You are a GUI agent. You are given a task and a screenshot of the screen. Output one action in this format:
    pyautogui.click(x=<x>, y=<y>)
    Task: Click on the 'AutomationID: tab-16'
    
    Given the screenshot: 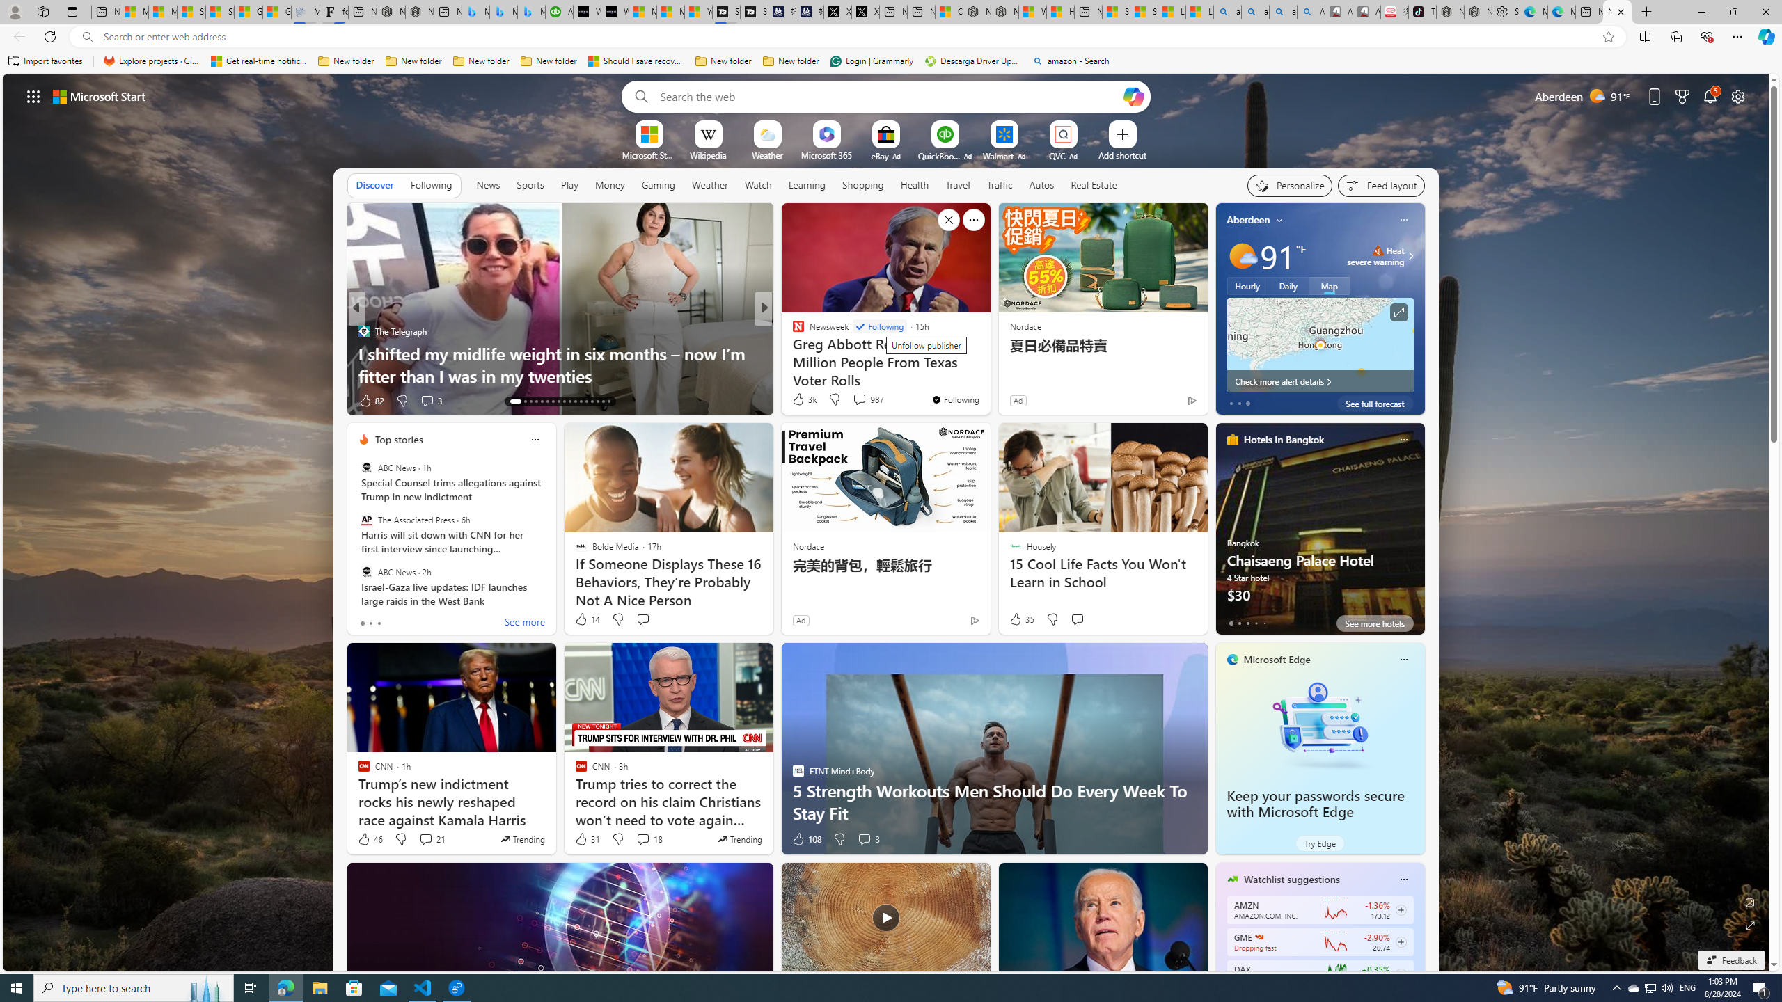 What is the action you would take?
    pyautogui.click(x=536, y=401)
    